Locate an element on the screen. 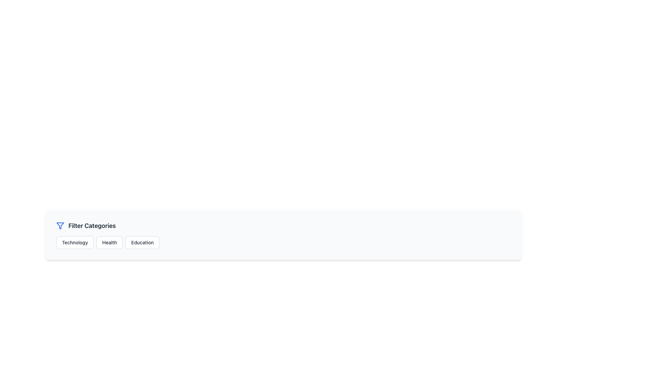  the 'Health' category selector button, which is the second of three horizontally arranged options ('Technology', 'Health', 'Education') located near the bottom-left area of the interface is located at coordinates (109, 242).